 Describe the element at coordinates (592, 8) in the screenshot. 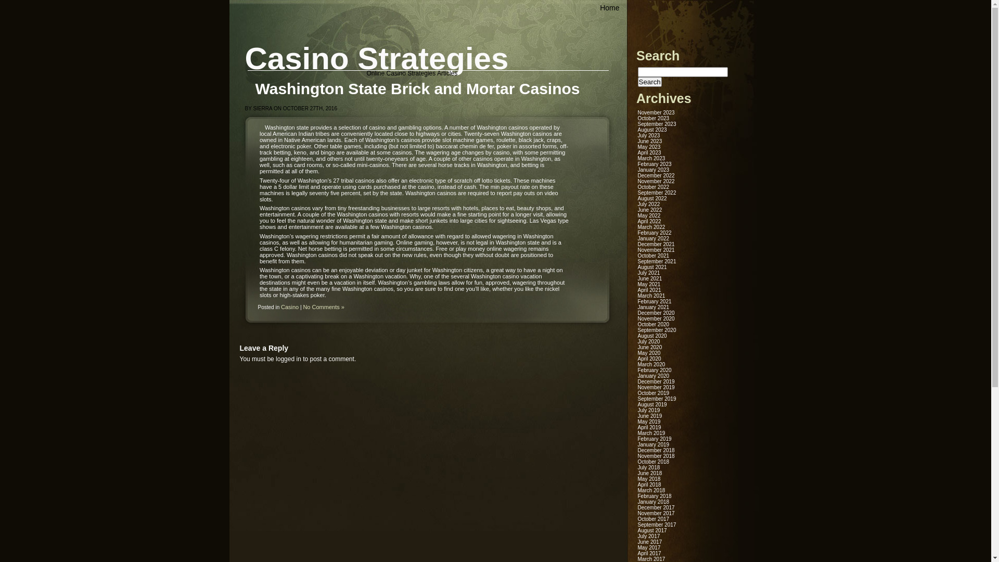

I see `'Home'` at that location.